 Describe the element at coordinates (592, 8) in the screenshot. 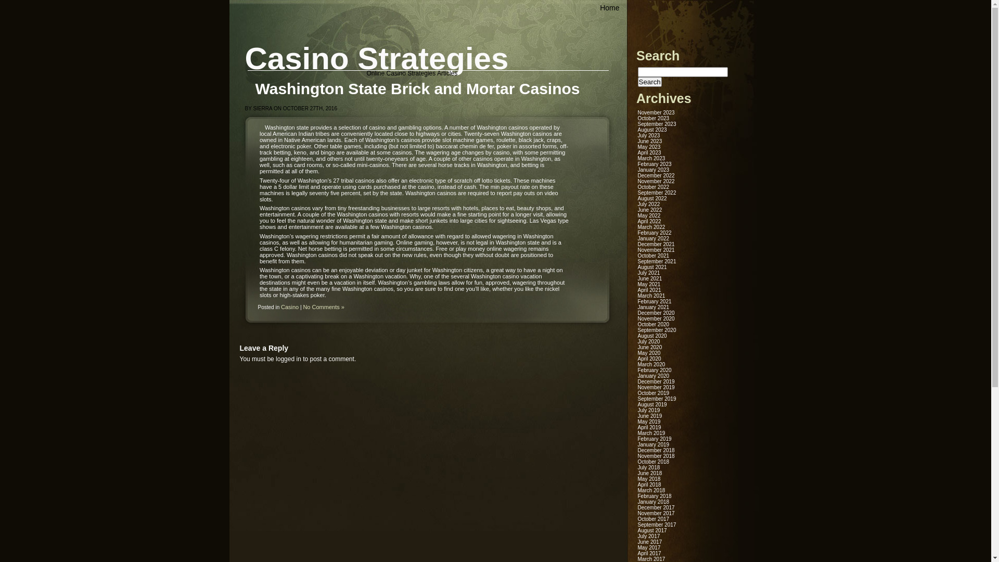

I see `'Home'` at that location.